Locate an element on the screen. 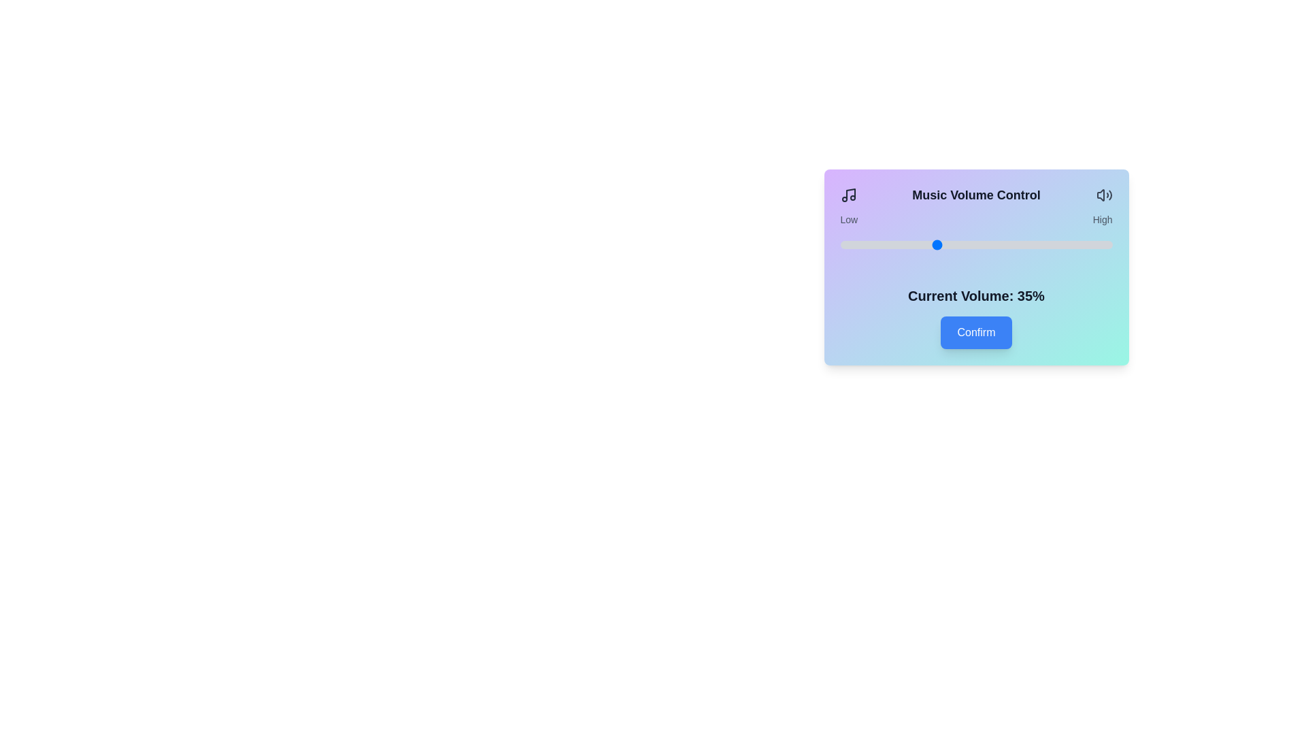 The image size is (1306, 735). the 'Confirm' button to confirm the current volume setting is located at coordinates (975, 333).